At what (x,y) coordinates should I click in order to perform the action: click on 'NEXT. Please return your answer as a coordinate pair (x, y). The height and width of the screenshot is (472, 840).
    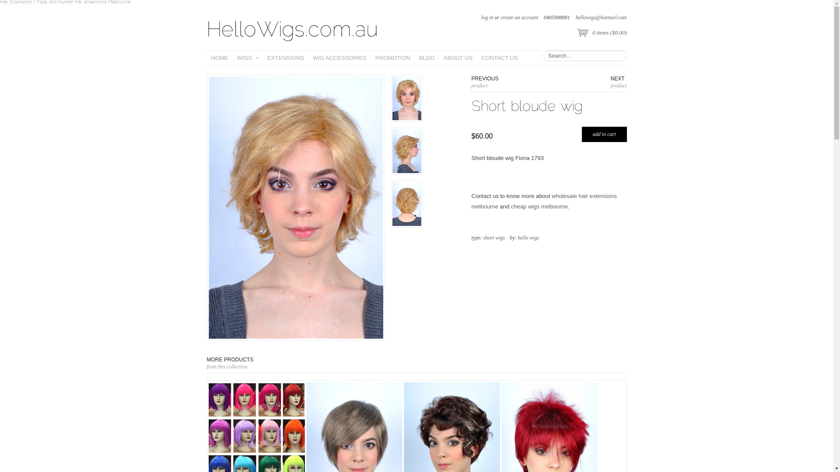
    Looking at the image, I should click on (618, 82).